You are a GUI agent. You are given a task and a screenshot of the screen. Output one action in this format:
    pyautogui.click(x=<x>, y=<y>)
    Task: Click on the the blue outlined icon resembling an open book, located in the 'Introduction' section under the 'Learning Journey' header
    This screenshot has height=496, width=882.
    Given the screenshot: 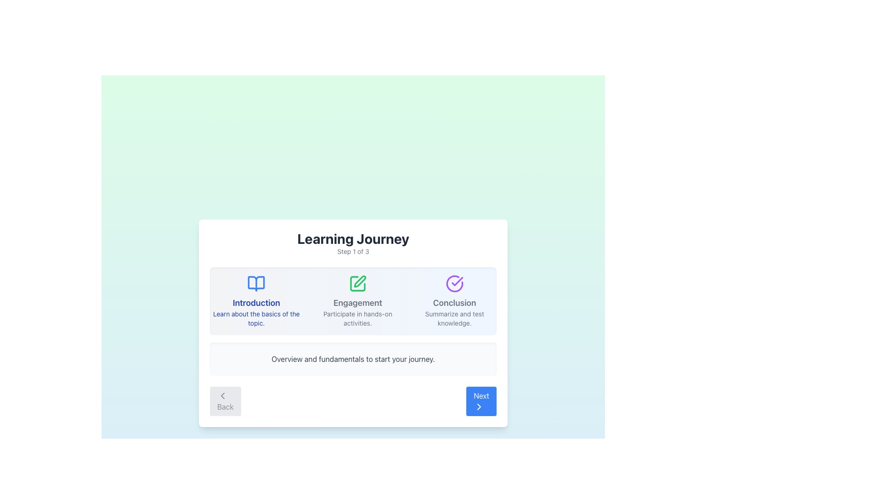 What is the action you would take?
    pyautogui.click(x=256, y=283)
    